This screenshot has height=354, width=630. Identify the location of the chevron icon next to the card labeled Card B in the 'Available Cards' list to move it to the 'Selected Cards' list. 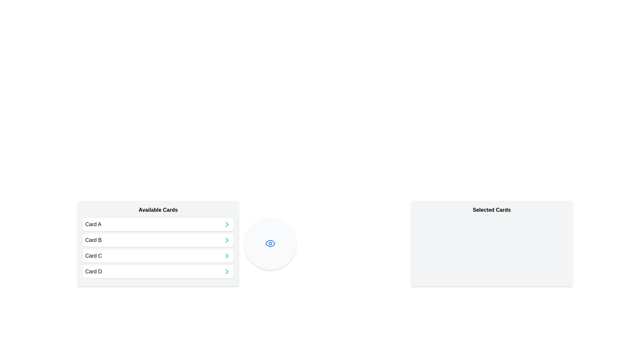
(227, 240).